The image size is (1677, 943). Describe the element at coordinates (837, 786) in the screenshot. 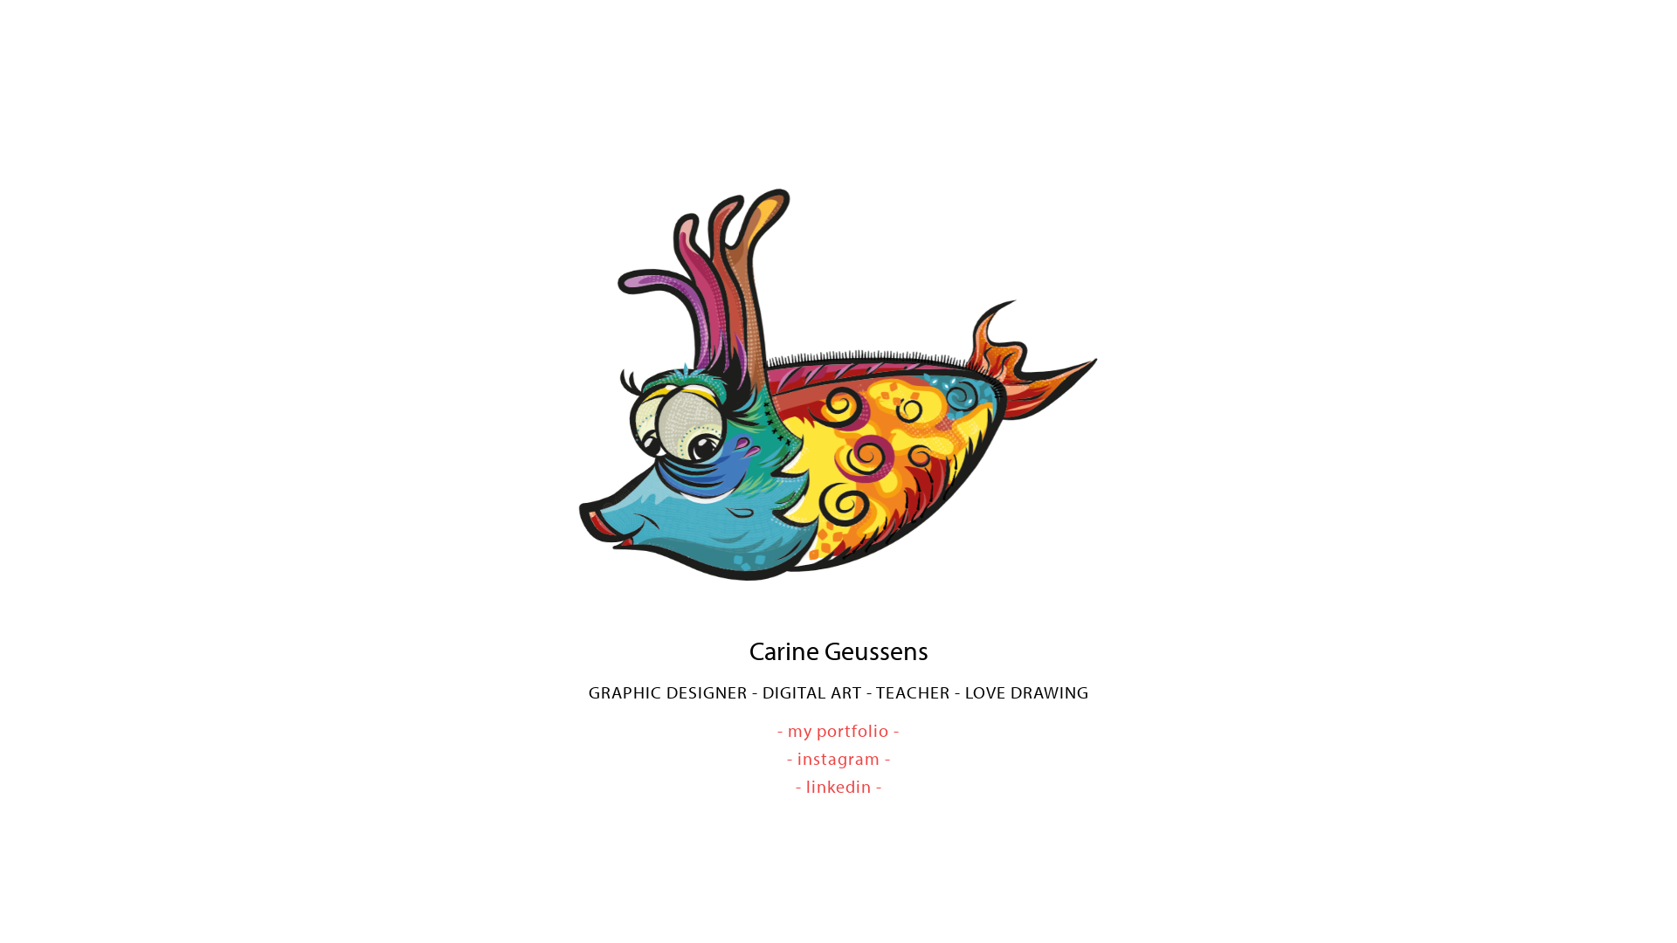

I see `'- linkedin -'` at that location.